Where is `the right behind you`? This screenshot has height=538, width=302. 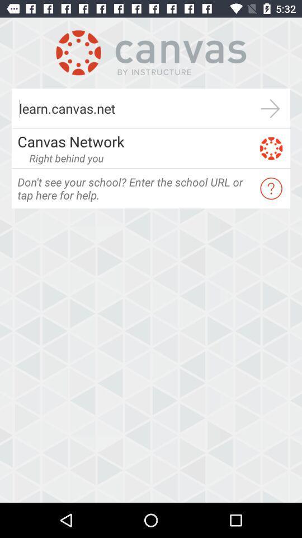
the right behind you is located at coordinates (66, 157).